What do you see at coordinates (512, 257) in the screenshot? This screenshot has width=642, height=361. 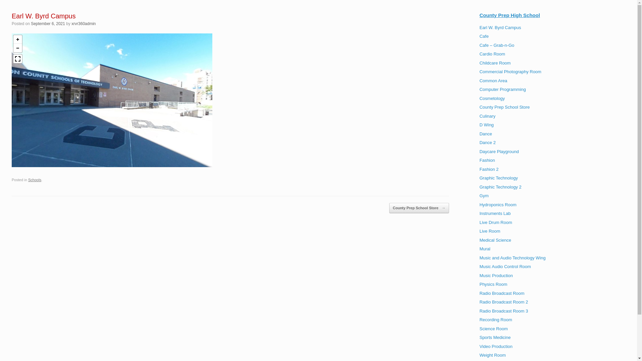 I see `'Music and Audio Technology Wing'` at bounding box center [512, 257].